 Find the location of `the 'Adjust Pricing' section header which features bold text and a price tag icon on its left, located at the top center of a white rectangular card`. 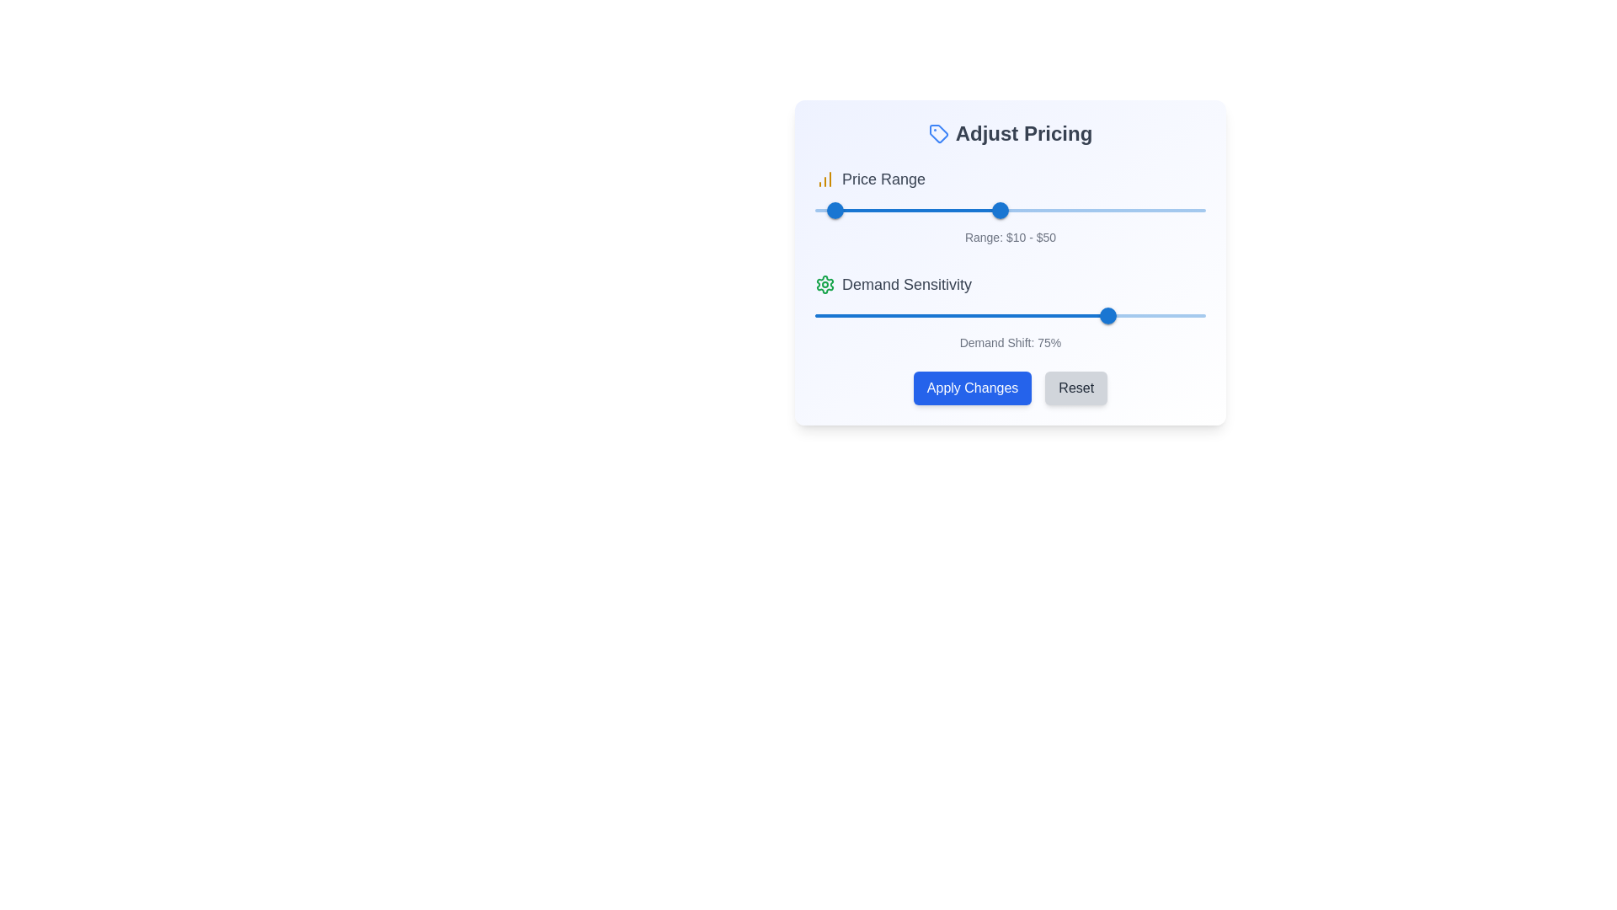

the 'Adjust Pricing' section header which features bold text and a price tag icon on its left, located at the top center of a white rectangular card is located at coordinates (1011, 132).